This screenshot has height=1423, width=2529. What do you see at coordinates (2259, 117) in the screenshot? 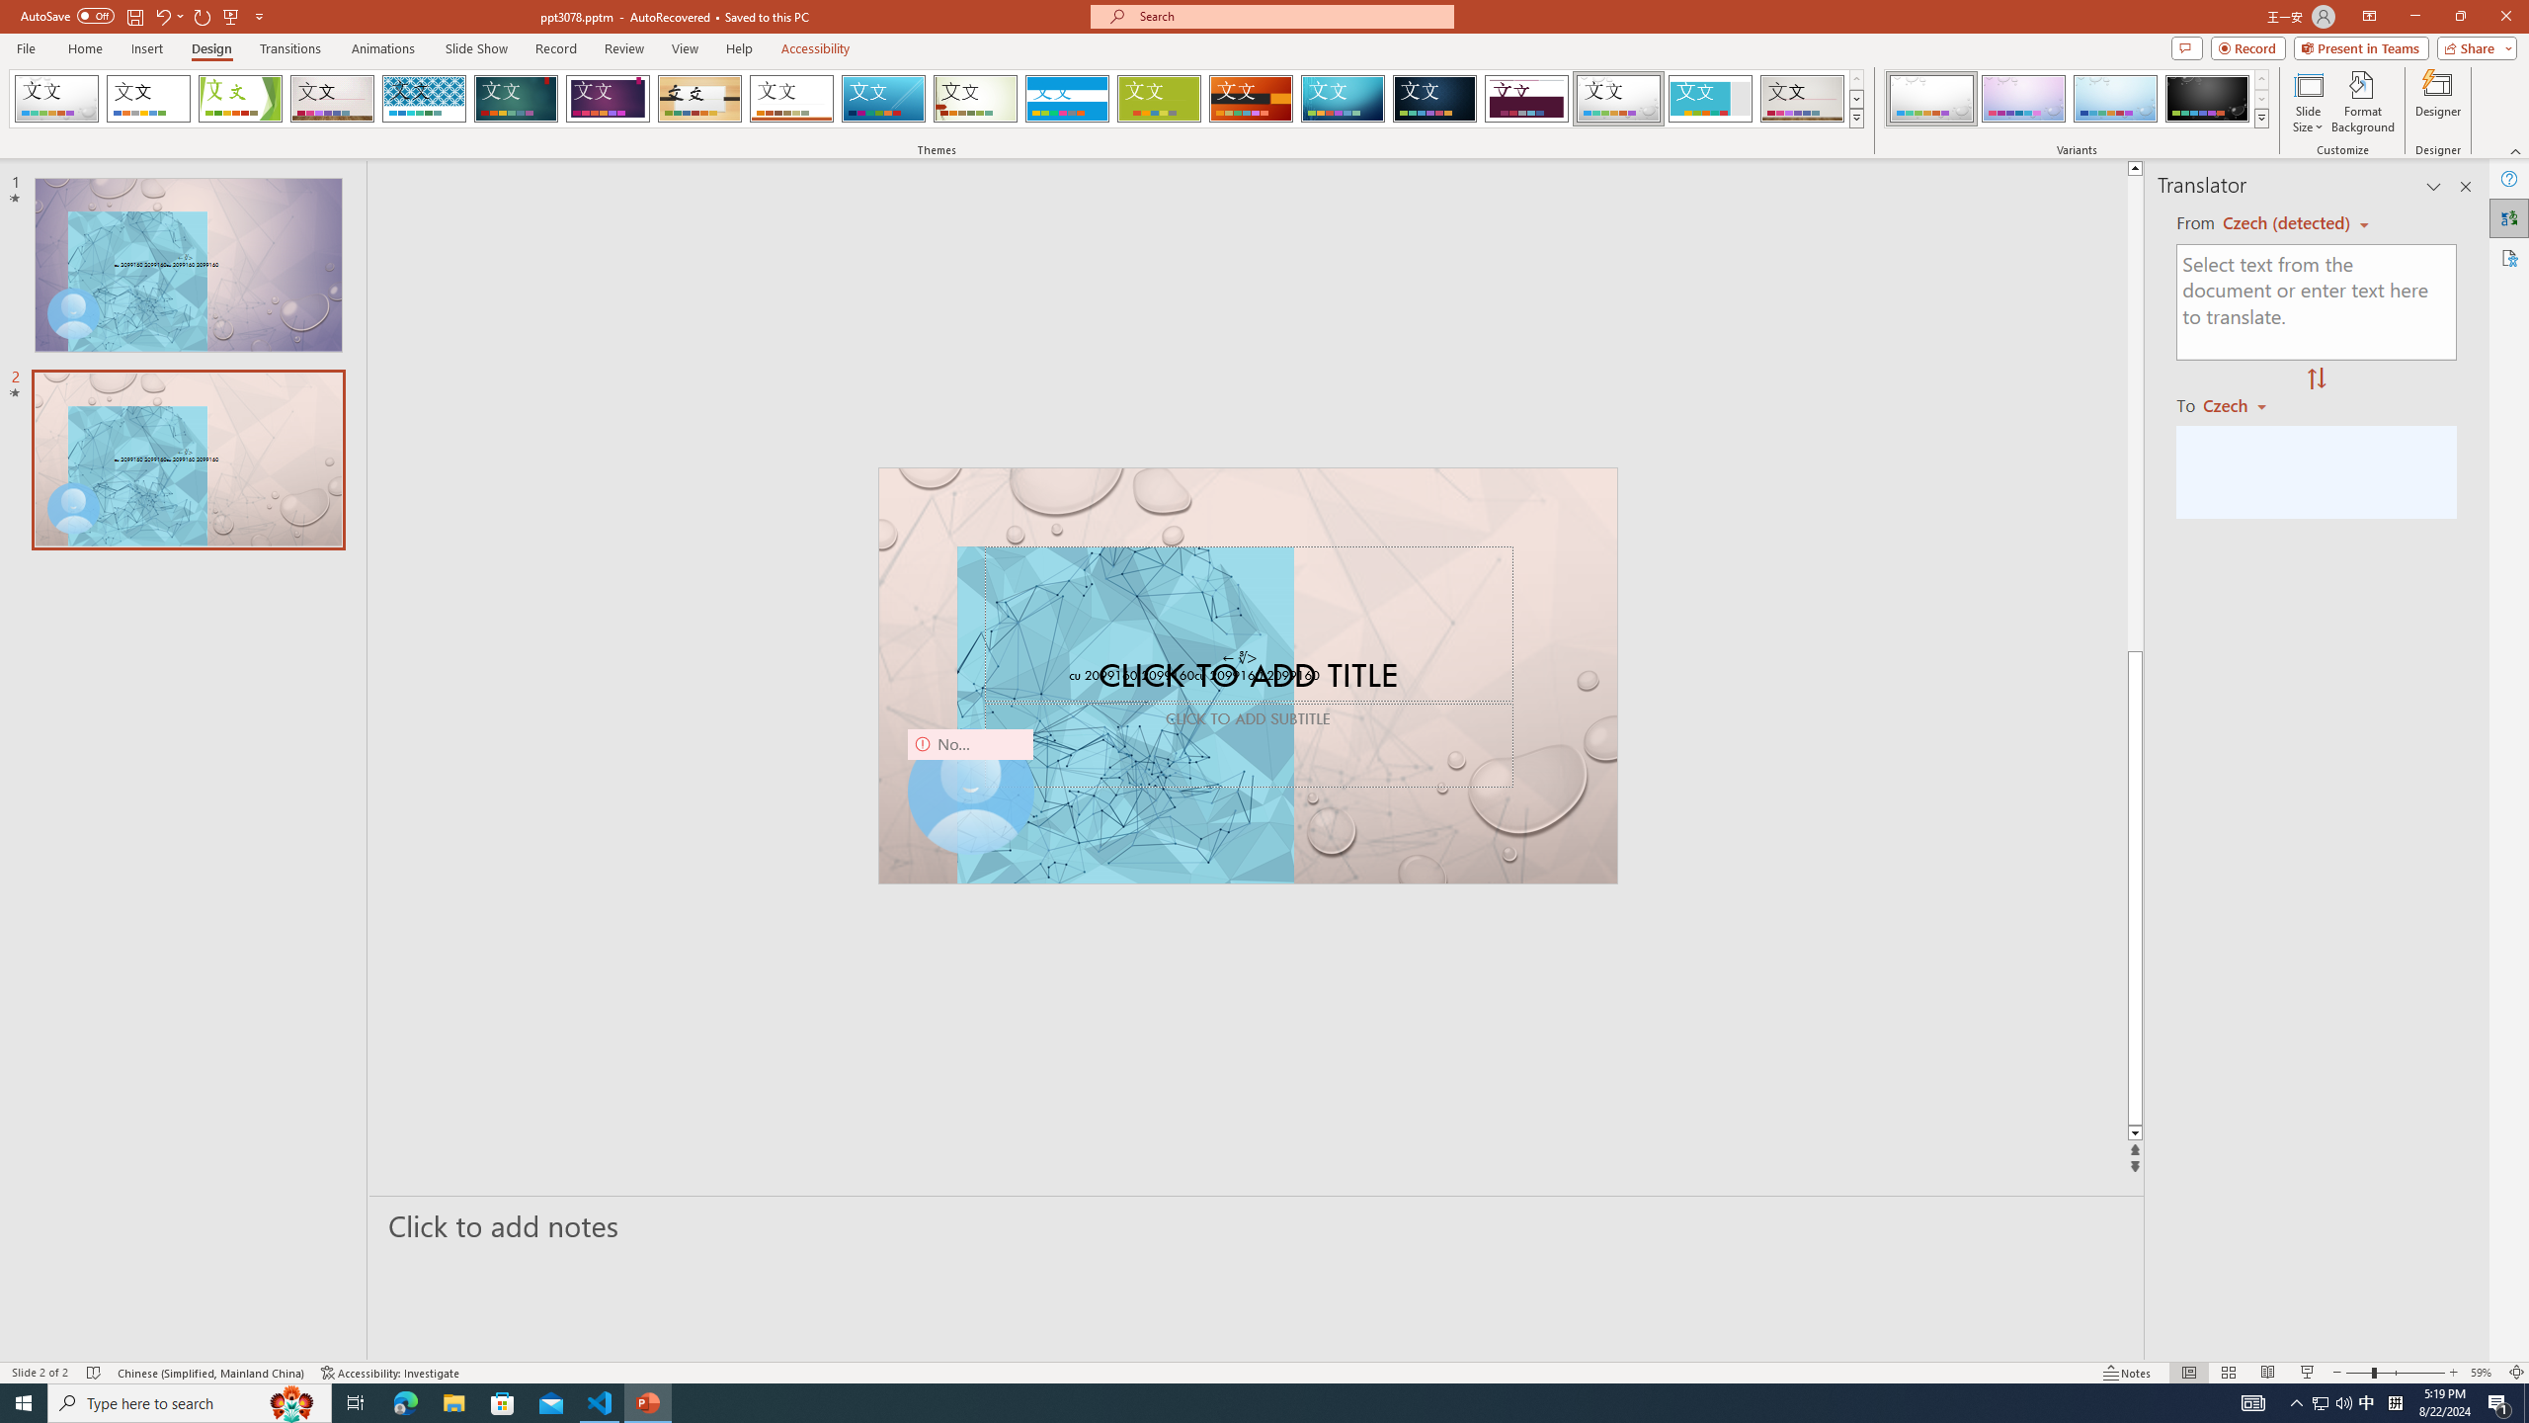
I see `'Variants'` at bounding box center [2259, 117].